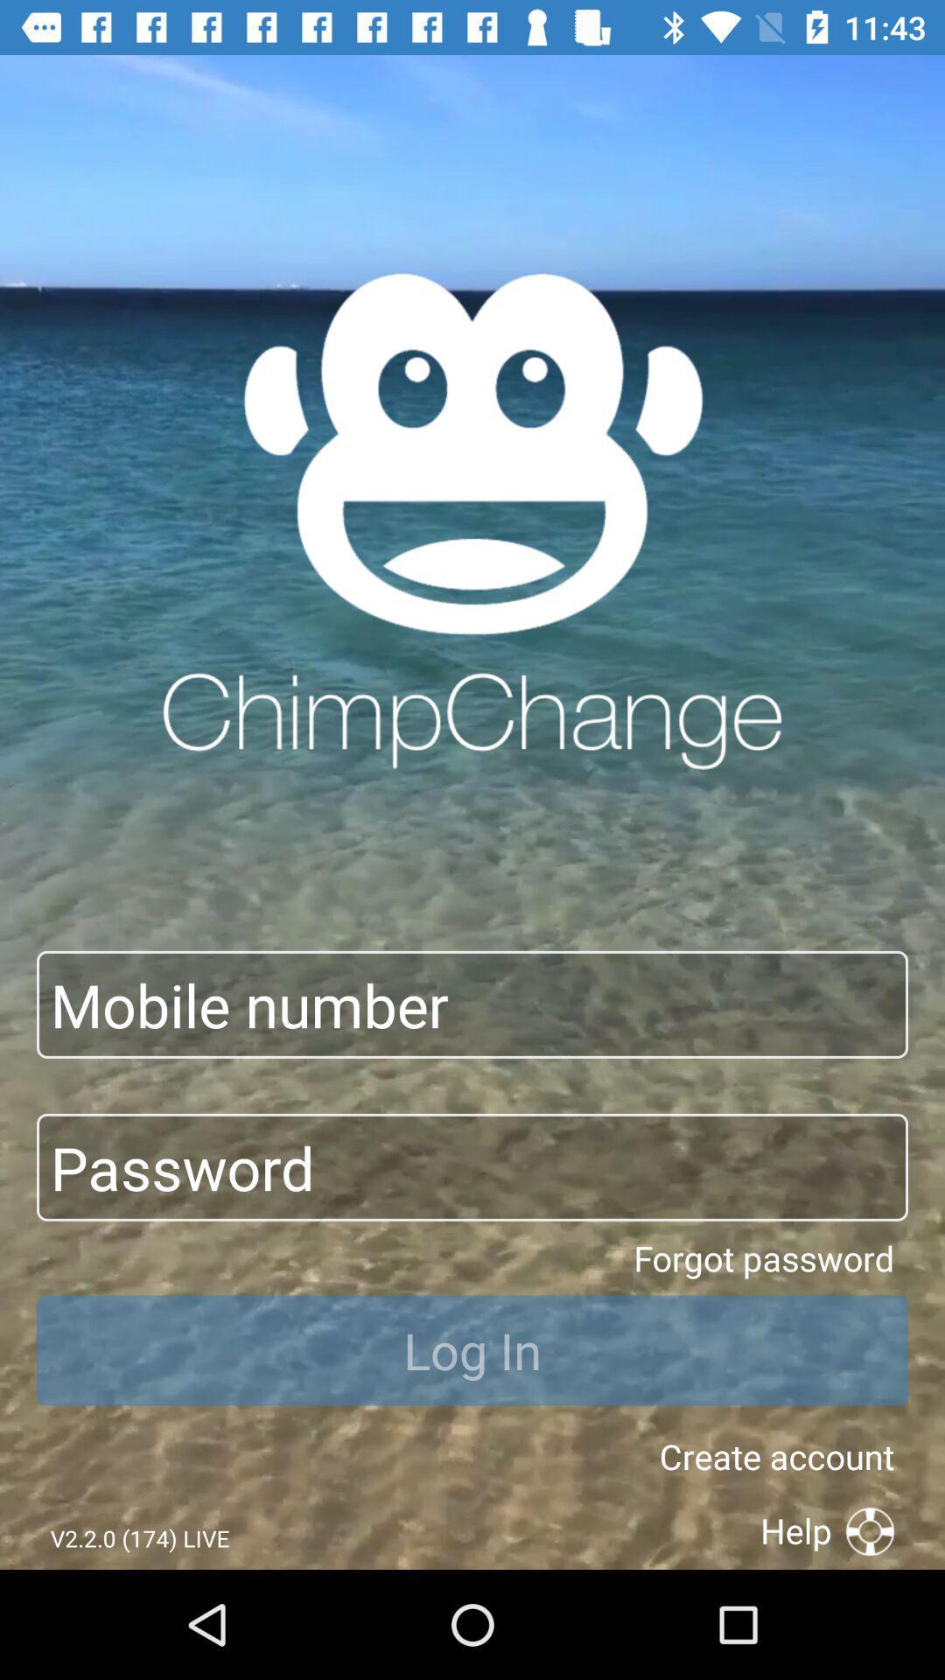 The width and height of the screenshot is (945, 1680). I want to click on input field, so click(472, 1004).